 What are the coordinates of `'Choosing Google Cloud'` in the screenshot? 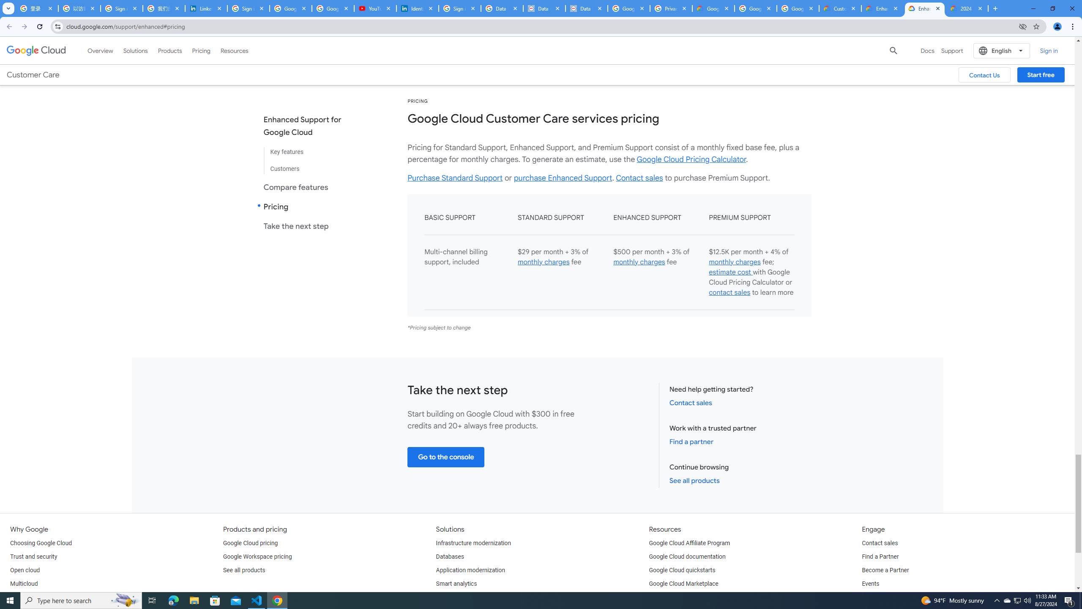 It's located at (41, 543).